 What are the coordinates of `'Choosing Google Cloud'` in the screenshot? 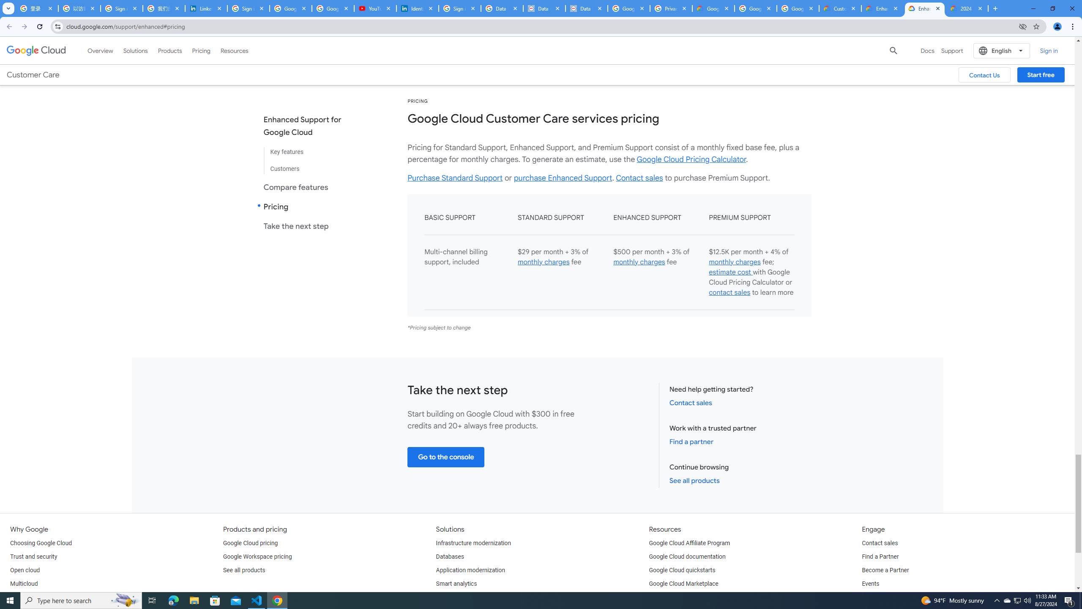 It's located at (41, 543).